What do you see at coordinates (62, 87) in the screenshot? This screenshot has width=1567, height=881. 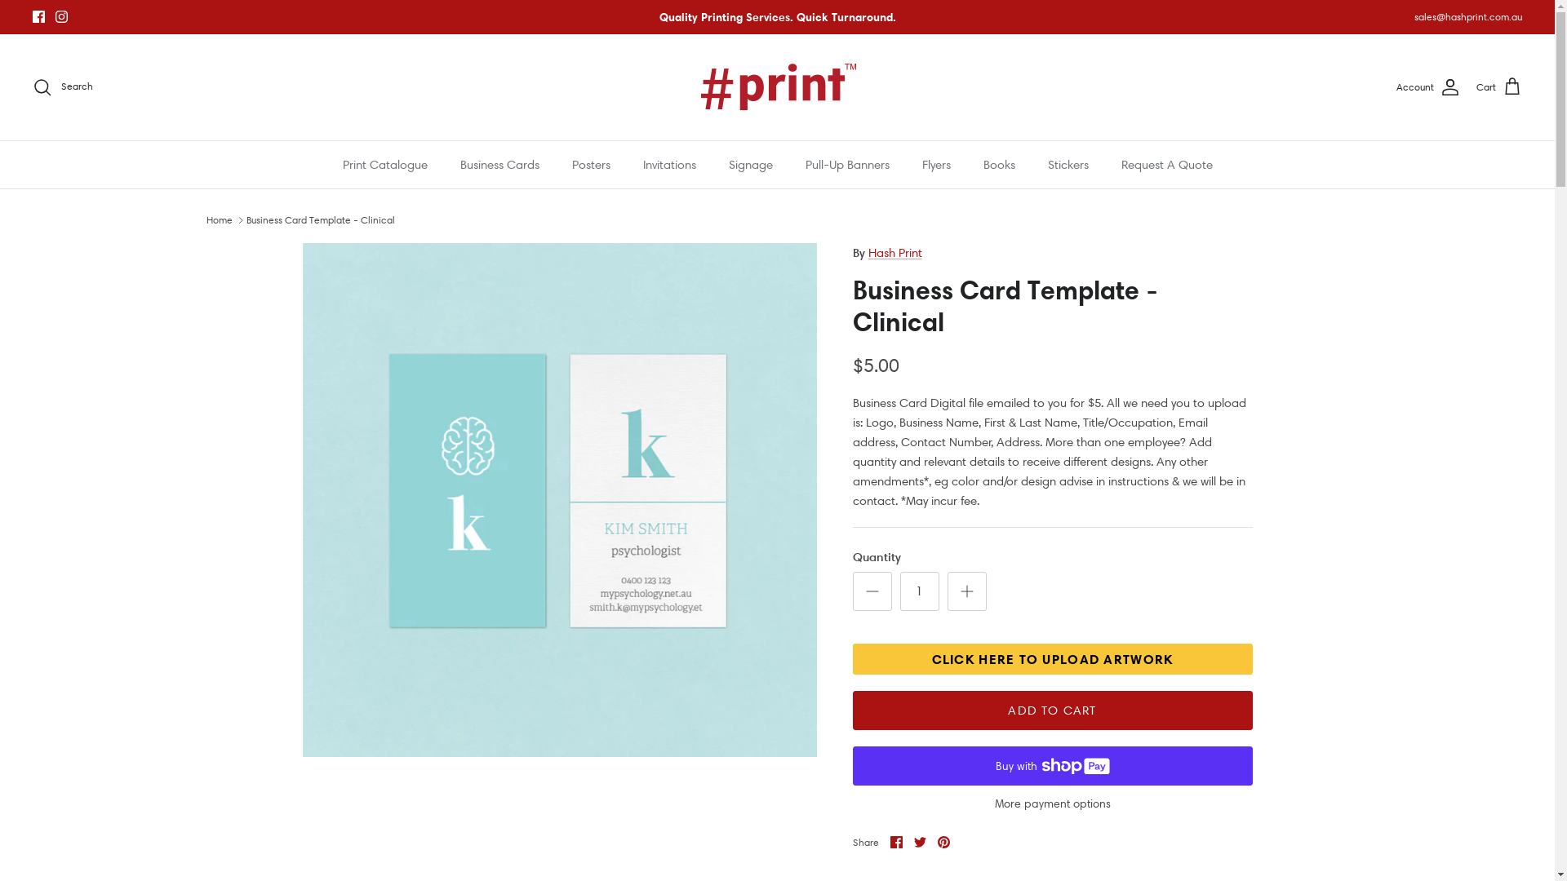 I see `'Search'` at bounding box center [62, 87].